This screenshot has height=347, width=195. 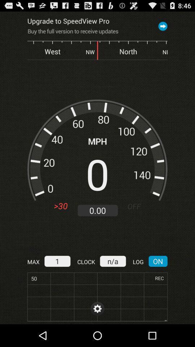 I want to click on item next to clock icon, so click(x=113, y=261).